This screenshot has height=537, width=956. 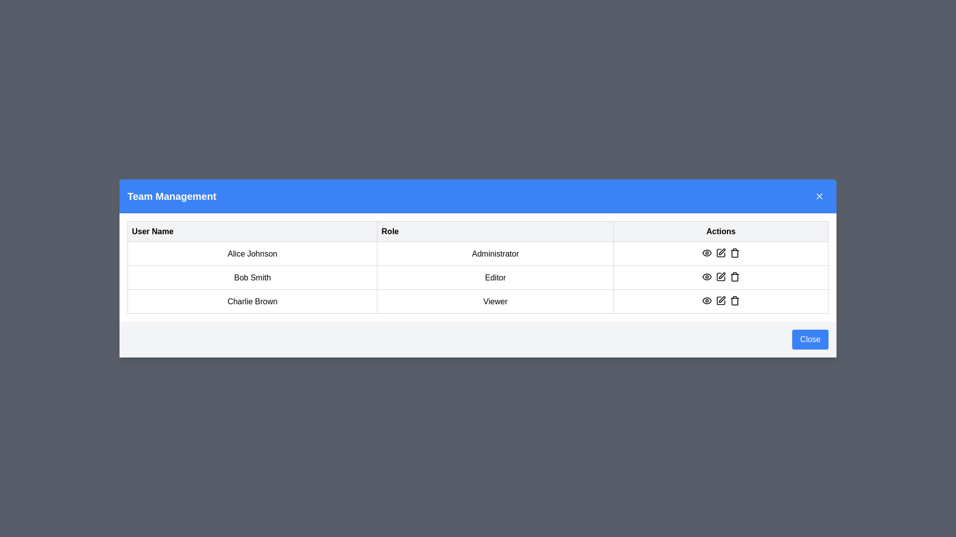 I want to click on the eye-shaped icon in the 'Actions' column of the first row for Alice Johnson, so click(x=707, y=253).